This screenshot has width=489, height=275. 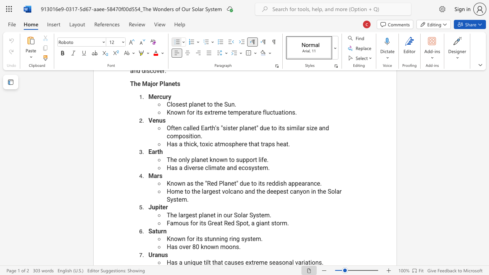 I want to click on the space between the continuous character "g" and "i" in the text, so click(x=259, y=223).